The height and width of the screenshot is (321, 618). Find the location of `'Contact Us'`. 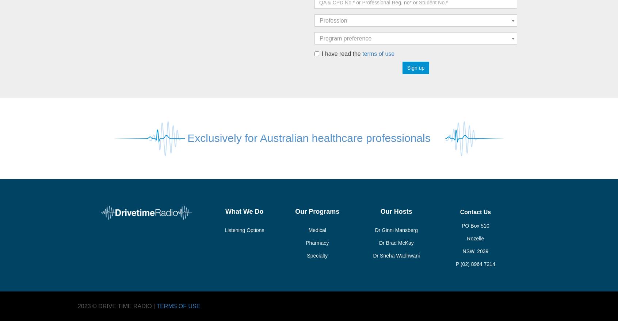

'Contact Us' is located at coordinates (475, 212).